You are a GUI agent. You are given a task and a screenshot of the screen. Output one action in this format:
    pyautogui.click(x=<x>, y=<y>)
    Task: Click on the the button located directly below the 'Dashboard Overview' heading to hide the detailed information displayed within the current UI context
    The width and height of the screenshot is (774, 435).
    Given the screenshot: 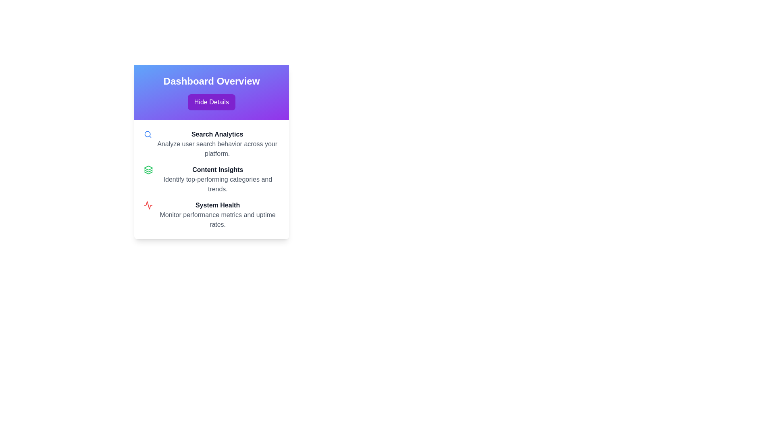 What is the action you would take?
    pyautogui.click(x=211, y=102)
    